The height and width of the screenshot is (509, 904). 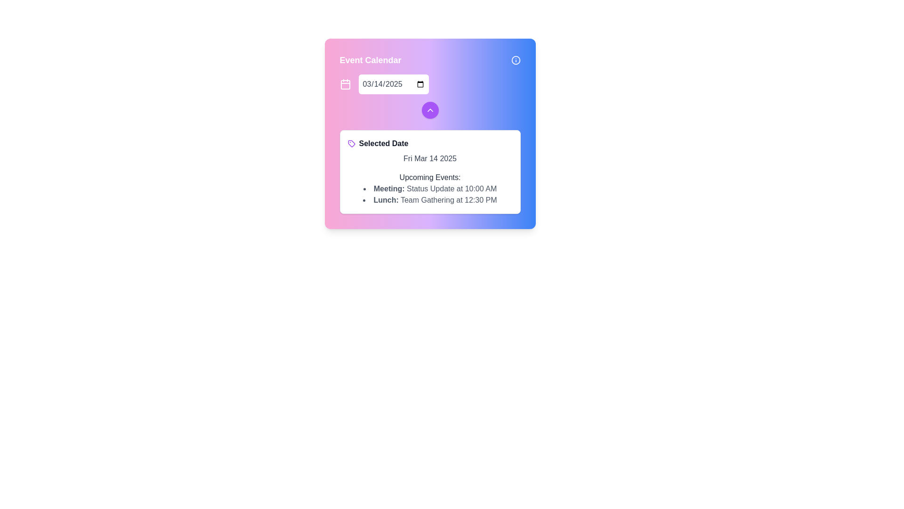 What do you see at coordinates (389, 189) in the screenshot?
I see `the text label that reads 'Meeting:' which is styled in bold and positioned at the start of the event description line for upcoming events` at bounding box center [389, 189].